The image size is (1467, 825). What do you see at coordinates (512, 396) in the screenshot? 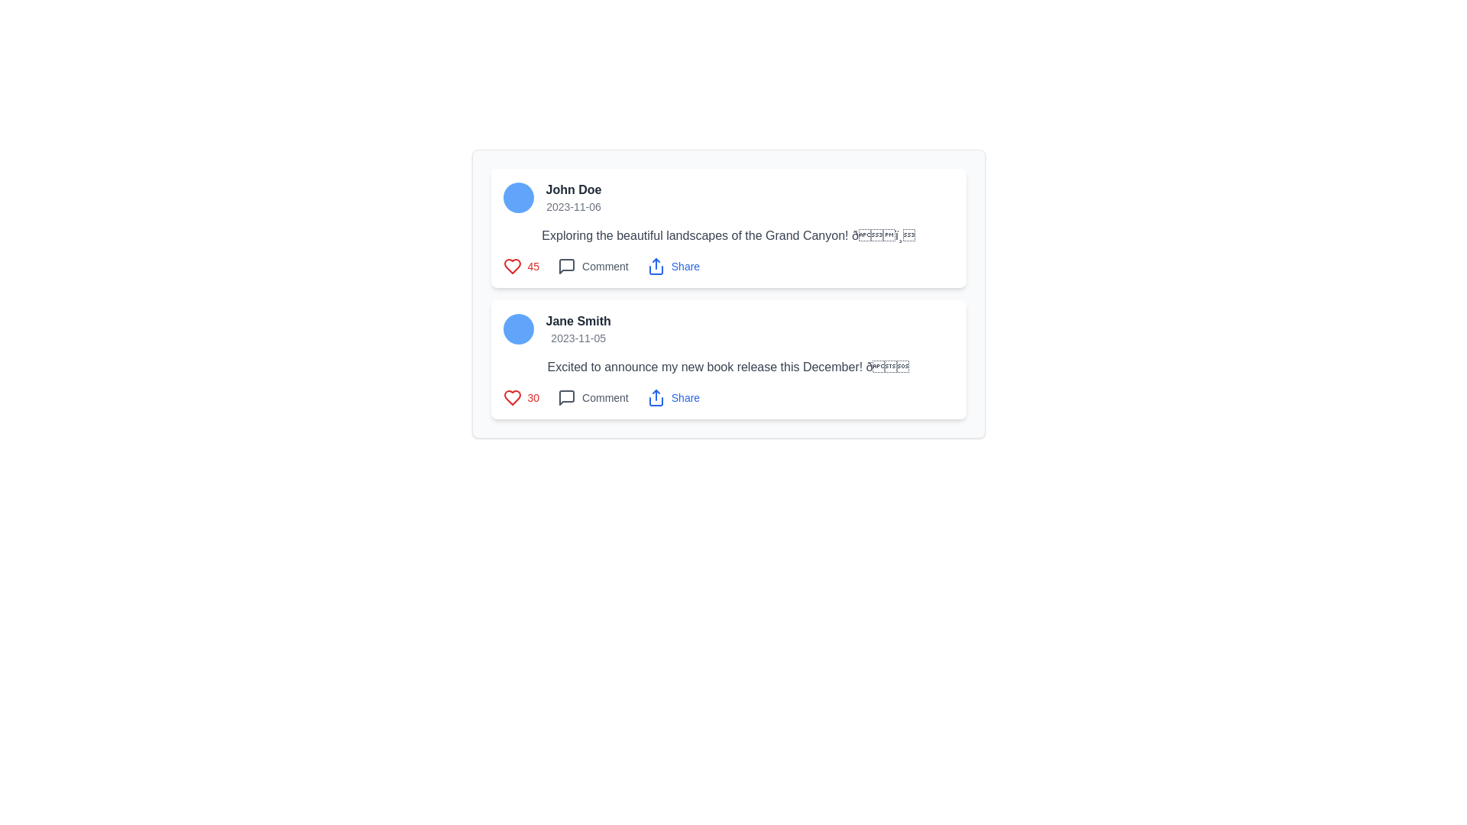
I see `the heart-shaped icon located to the left of the numeric label '30' under Jane Smith's post` at bounding box center [512, 396].